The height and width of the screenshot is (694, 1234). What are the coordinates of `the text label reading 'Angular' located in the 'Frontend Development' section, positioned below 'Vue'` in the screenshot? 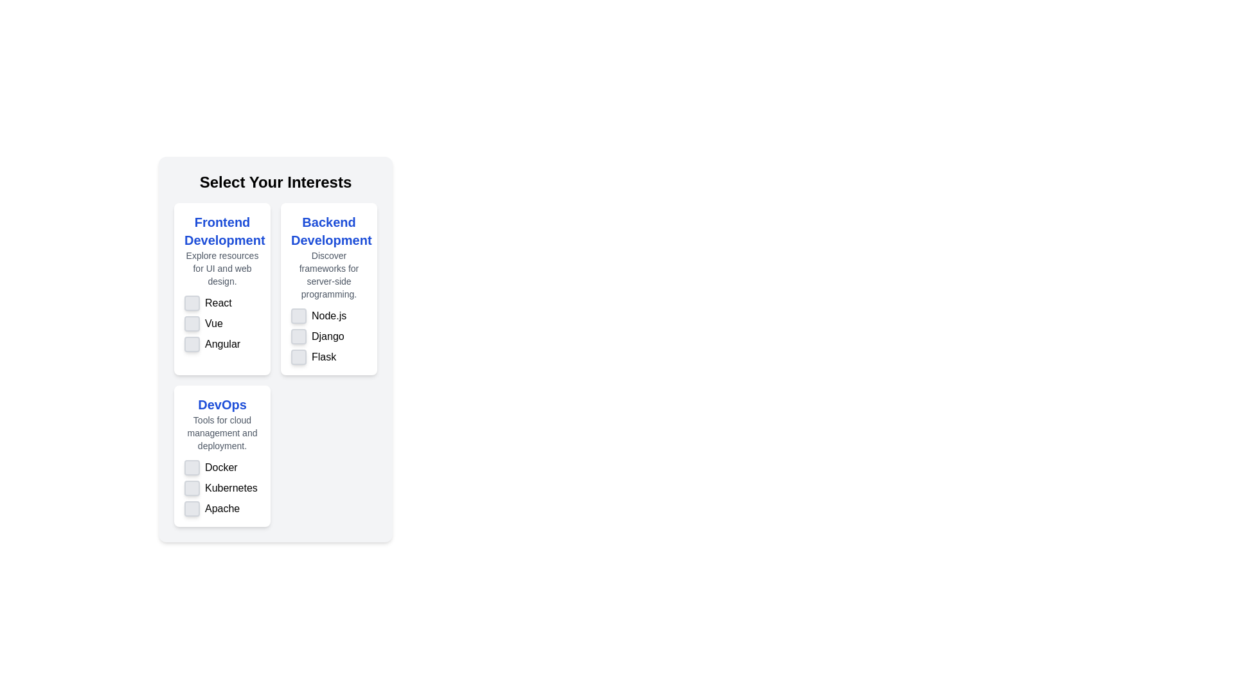 It's located at (222, 344).